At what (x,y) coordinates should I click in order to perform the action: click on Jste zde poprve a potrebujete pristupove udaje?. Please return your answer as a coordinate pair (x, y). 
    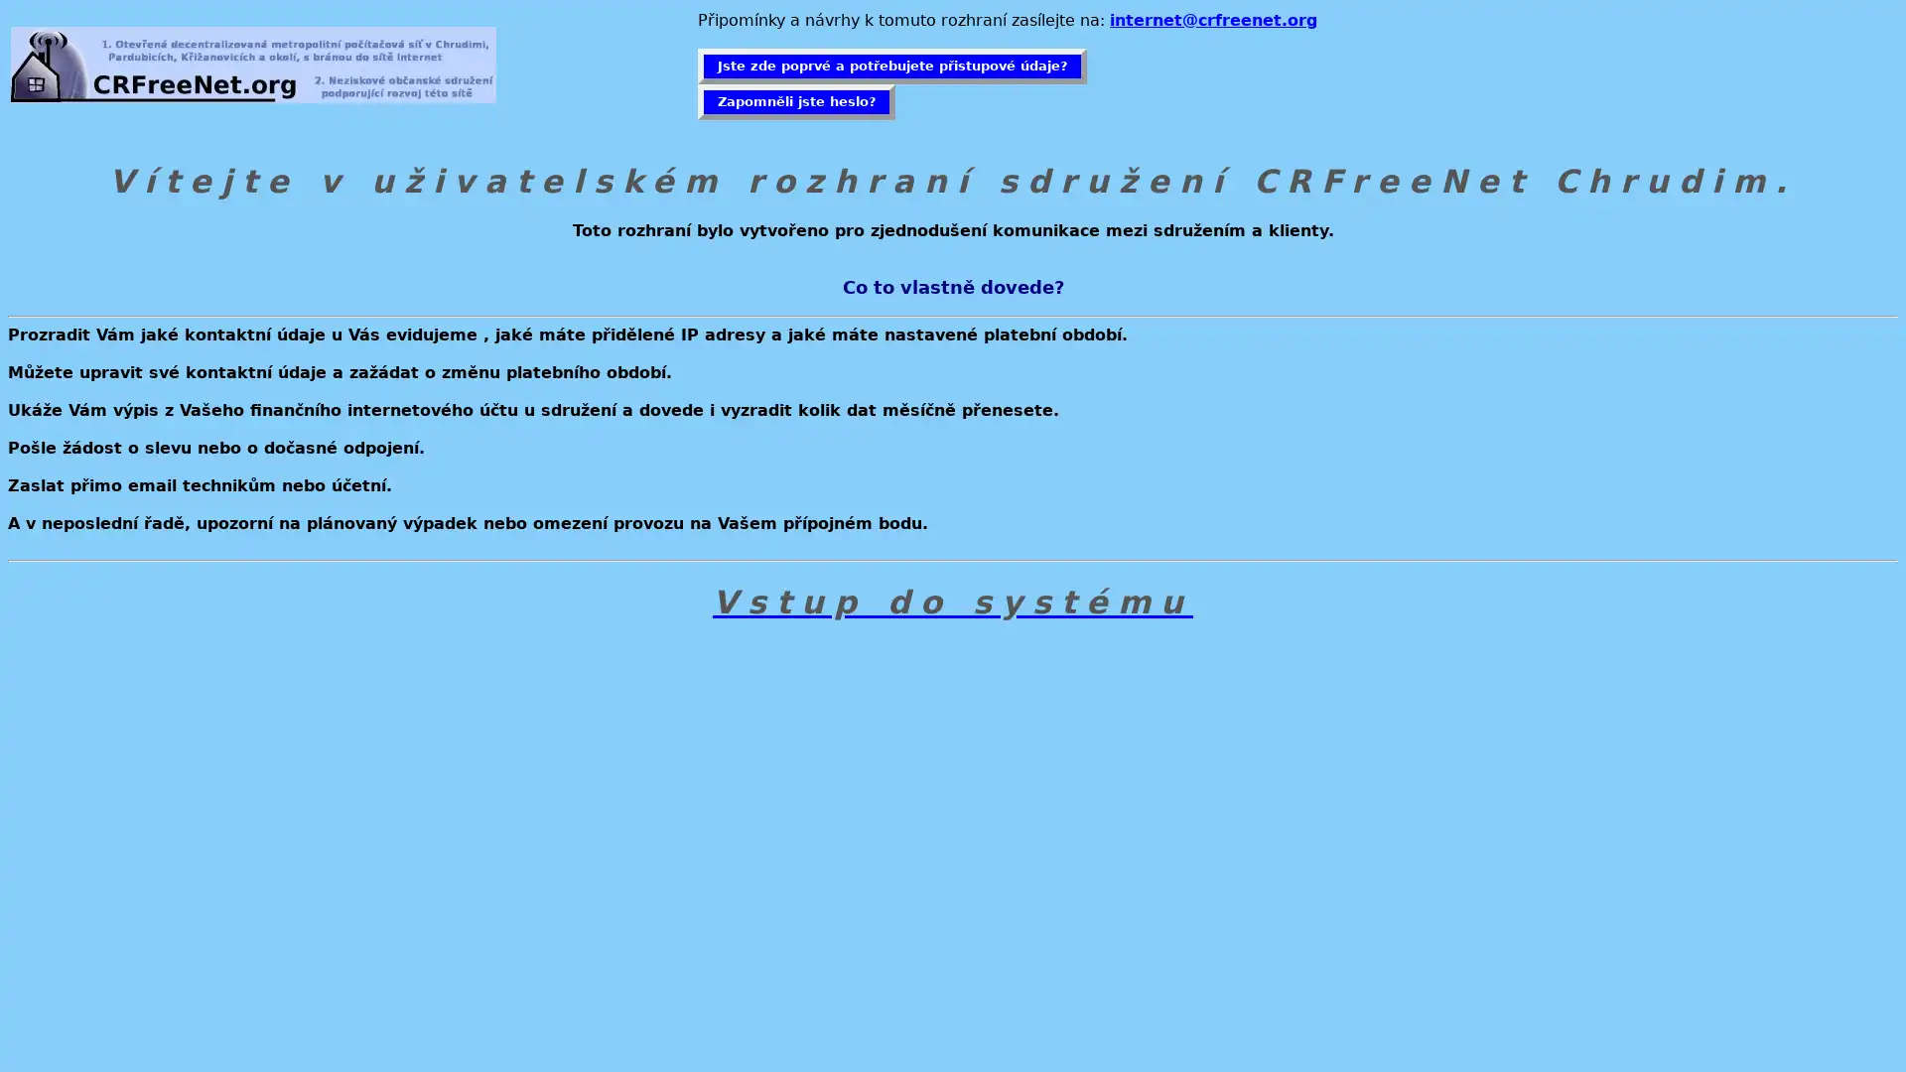
    Looking at the image, I should click on (890, 65).